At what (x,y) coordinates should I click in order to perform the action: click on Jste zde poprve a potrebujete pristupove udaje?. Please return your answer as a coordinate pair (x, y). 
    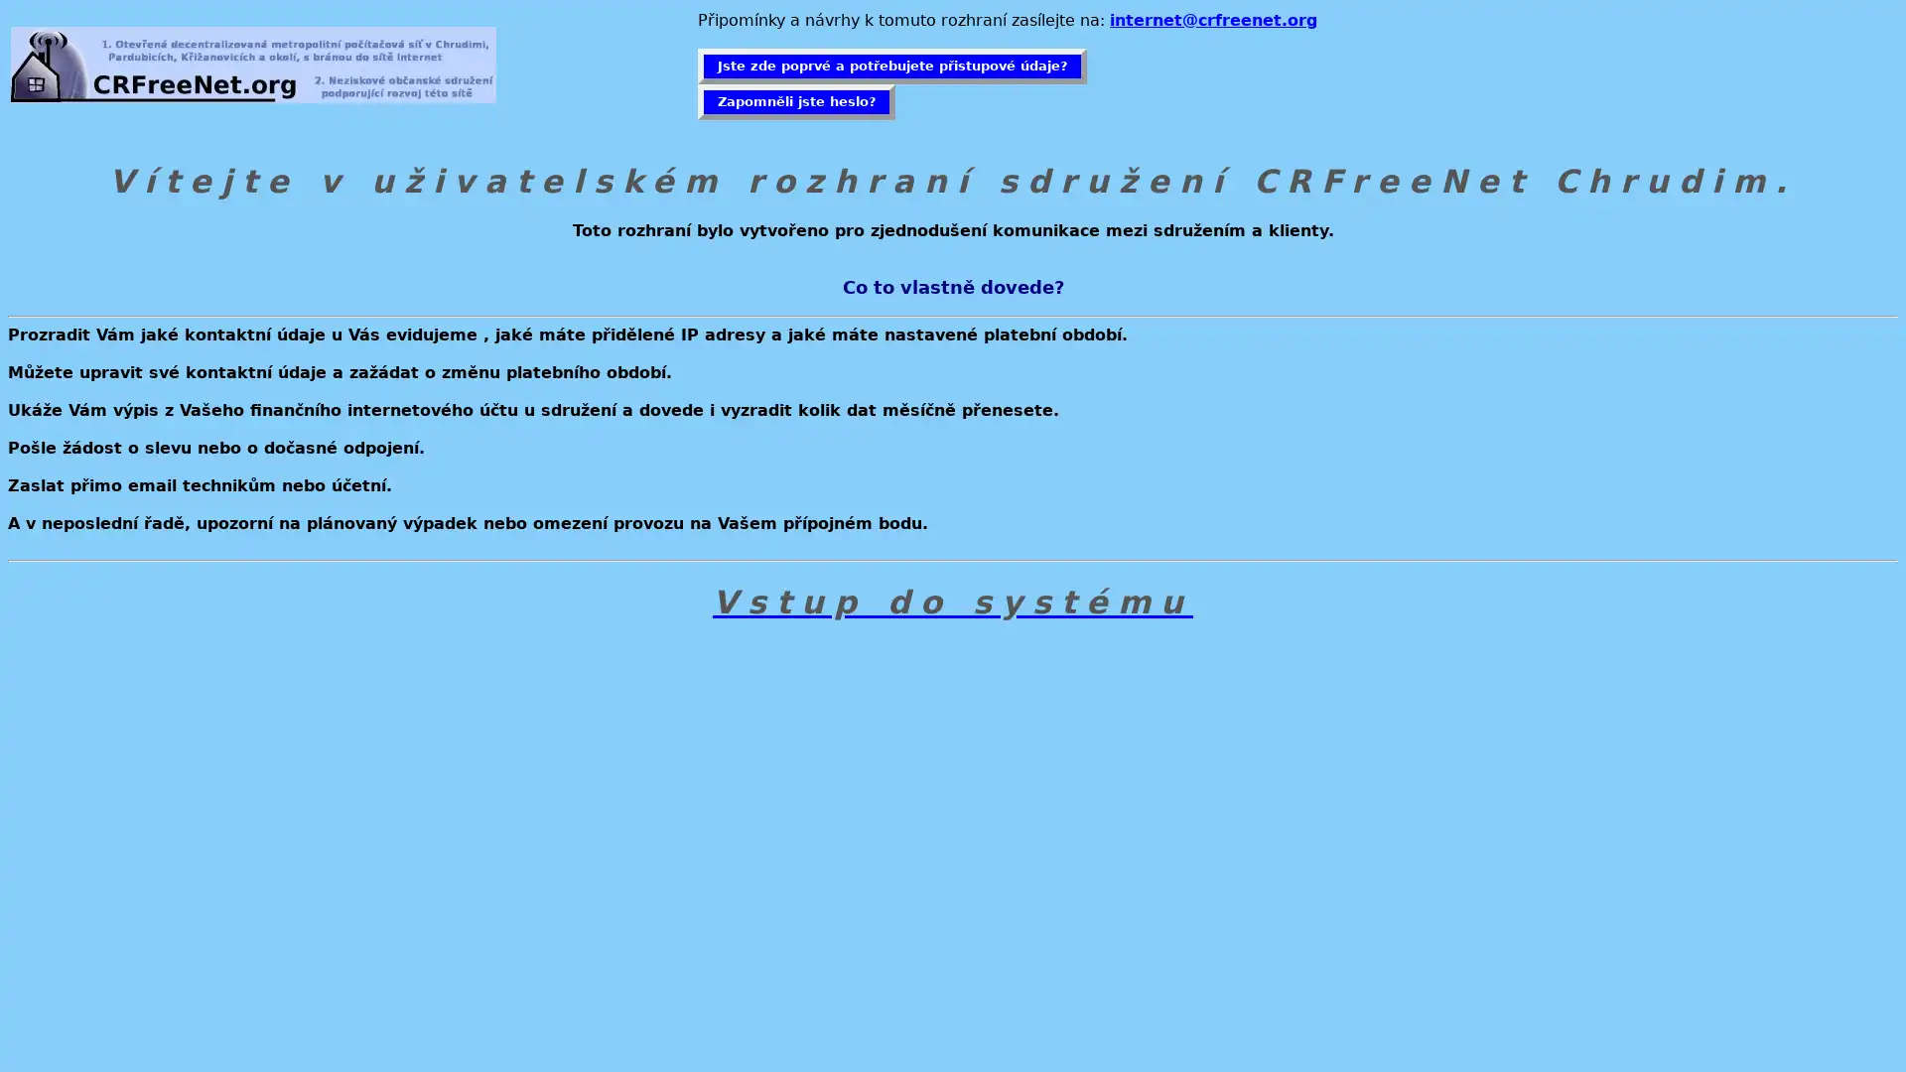
    Looking at the image, I should click on (890, 65).